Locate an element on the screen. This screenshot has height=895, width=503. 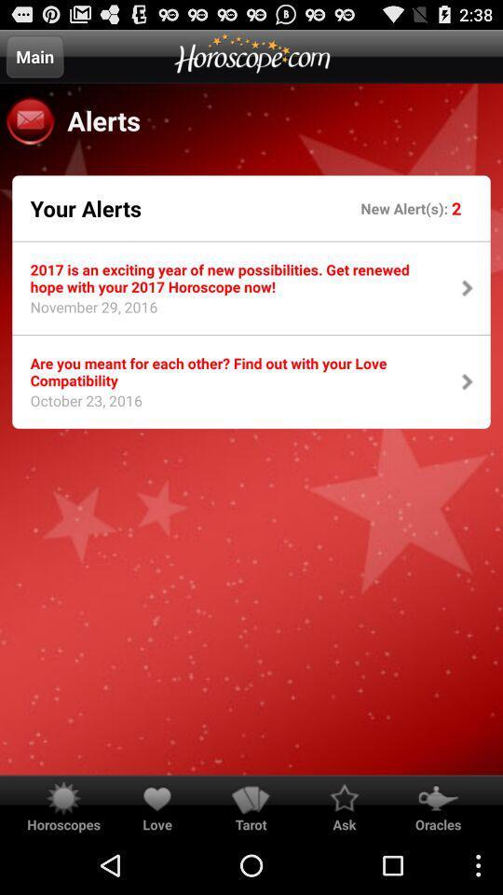
the icon above the are you meant item is located at coordinates (233, 277).